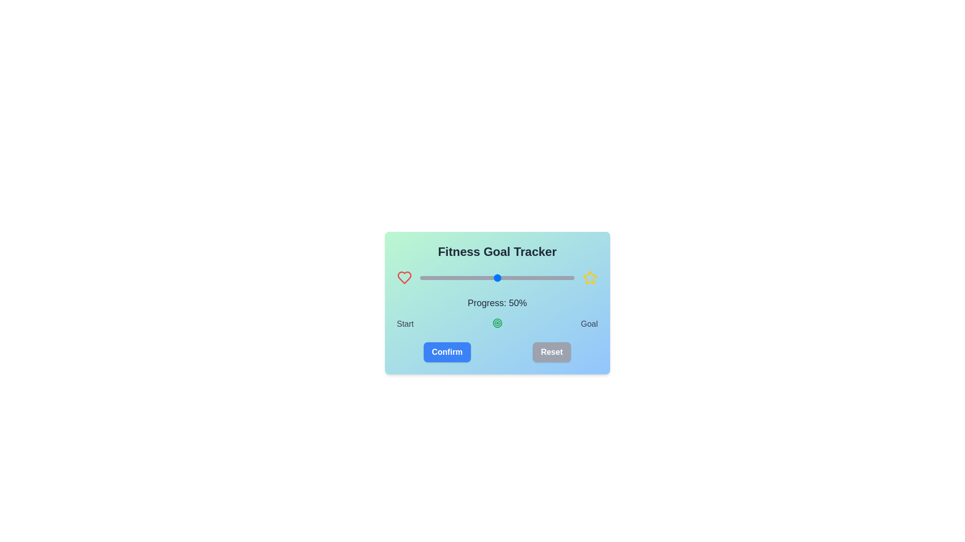 The image size is (965, 542). Describe the element at coordinates (551, 352) in the screenshot. I see `the 'Reset' button to reset the progress to 50%` at that location.